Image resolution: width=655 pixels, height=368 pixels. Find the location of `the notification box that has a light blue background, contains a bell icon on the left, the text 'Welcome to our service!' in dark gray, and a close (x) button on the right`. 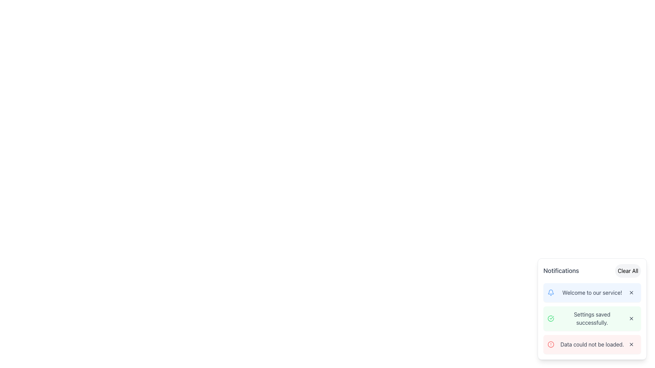

the notification box that has a light blue background, contains a bell icon on the left, the text 'Welcome to our service!' in dark gray, and a close (x) button on the right is located at coordinates (592, 292).